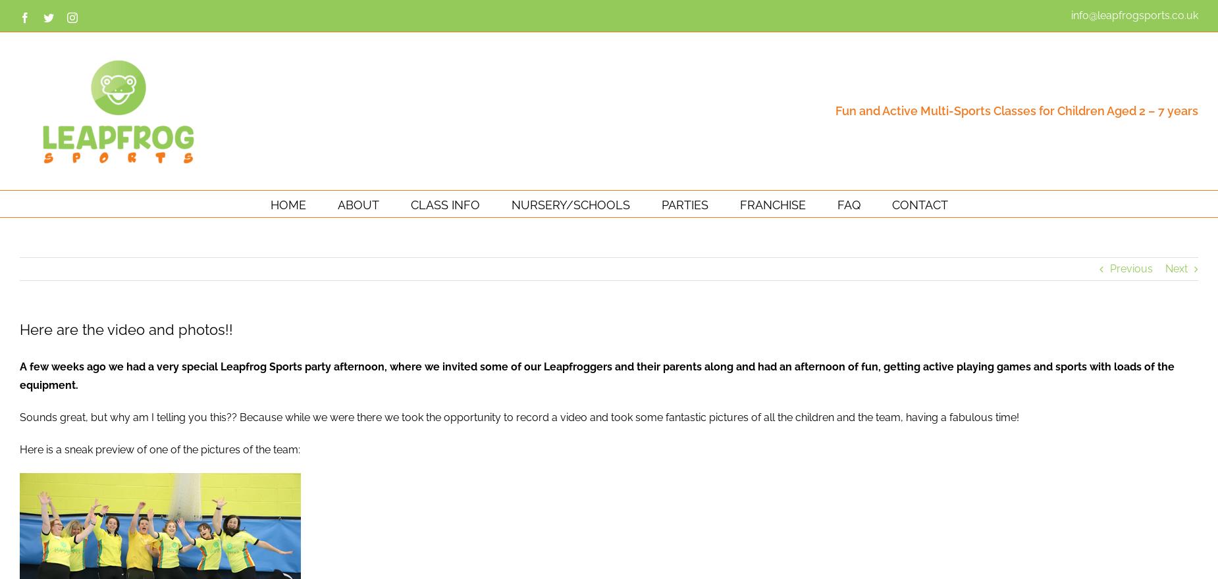 Image resolution: width=1218 pixels, height=579 pixels. Describe the element at coordinates (519, 417) in the screenshot. I see `'Sounds great, but why am I telling you this?? Because while we were there we took the opportunity to record a video and took some fantastic pictures of all the children and the team, having a fabulous time!'` at that location.